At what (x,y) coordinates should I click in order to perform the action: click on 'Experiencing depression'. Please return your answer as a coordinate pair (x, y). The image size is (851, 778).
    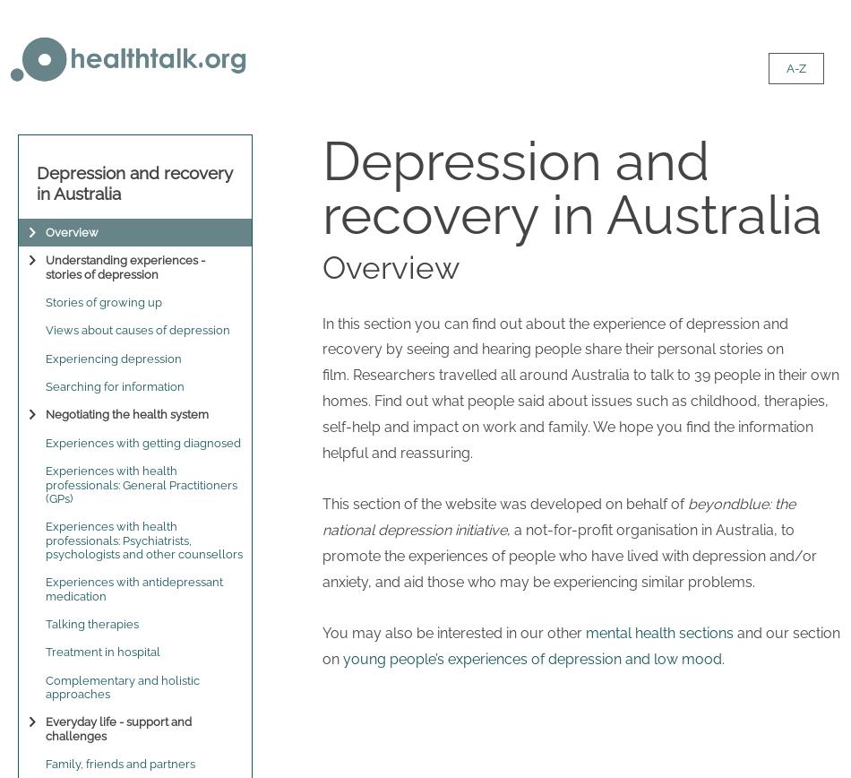
    Looking at the image, I should click on (114, 358).